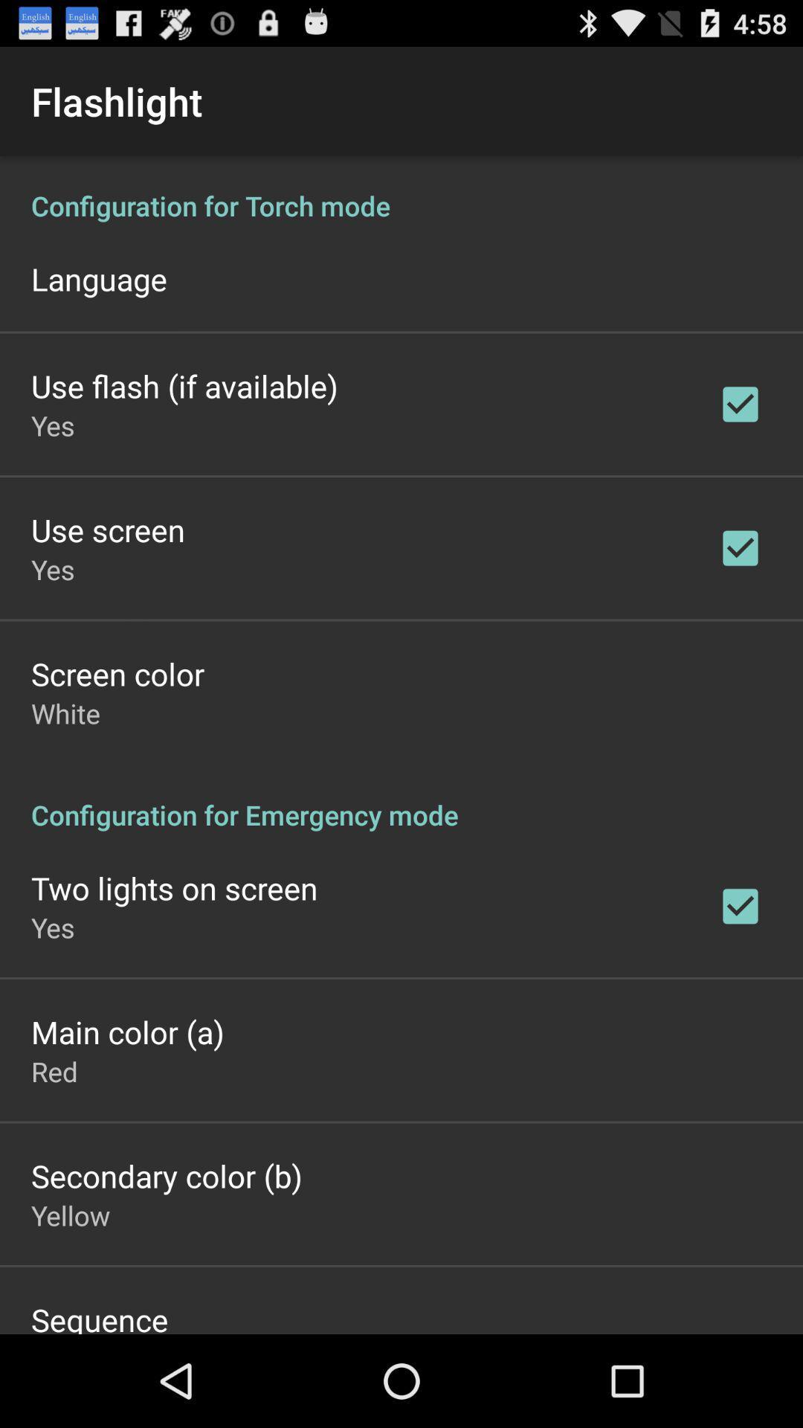 The width and height of the screenshot is (803, 1428). What do you see at coordinates (99, 278) in the screenshot?
I see `the language icon` at bounding box center [99, 278].